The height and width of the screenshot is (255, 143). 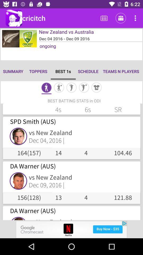 What do you see at coordinates (71, 229) in the screenshot?
I see `buy google chromecast` at bounding box center [71, 229].